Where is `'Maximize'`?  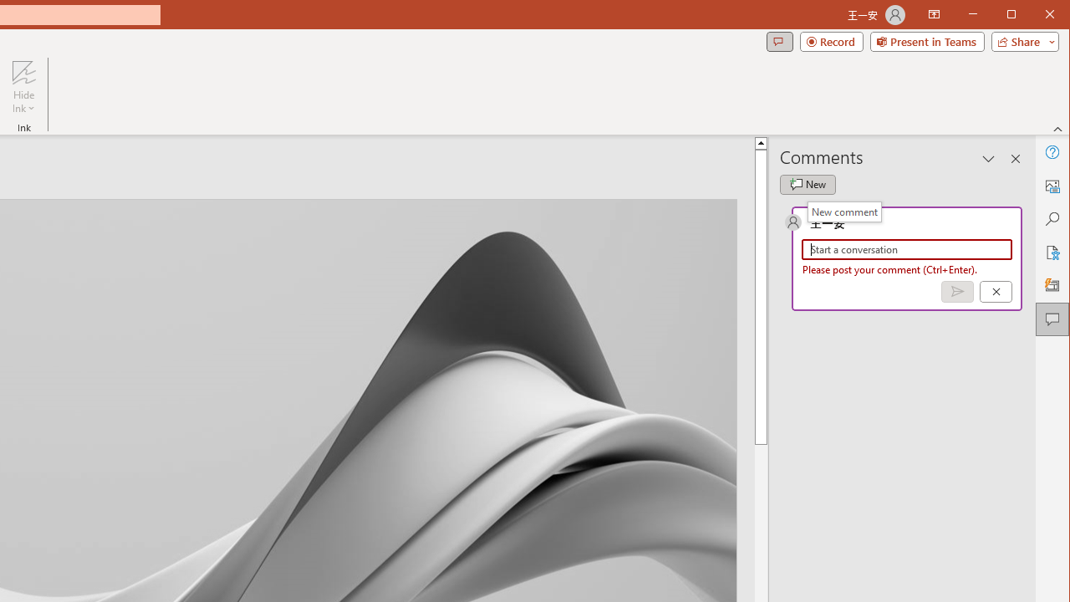 'Maximize' is located at coordinates (1035, 16).